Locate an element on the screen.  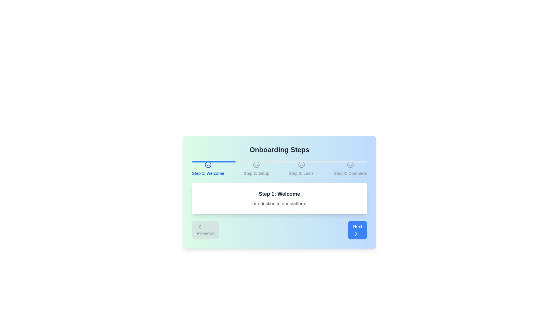
the state of the active onboarding step indicator icon, which is the first circular SVG icon in the top row, highlighting 'Step 1: Welcome' is located at coordinates (208, 165).